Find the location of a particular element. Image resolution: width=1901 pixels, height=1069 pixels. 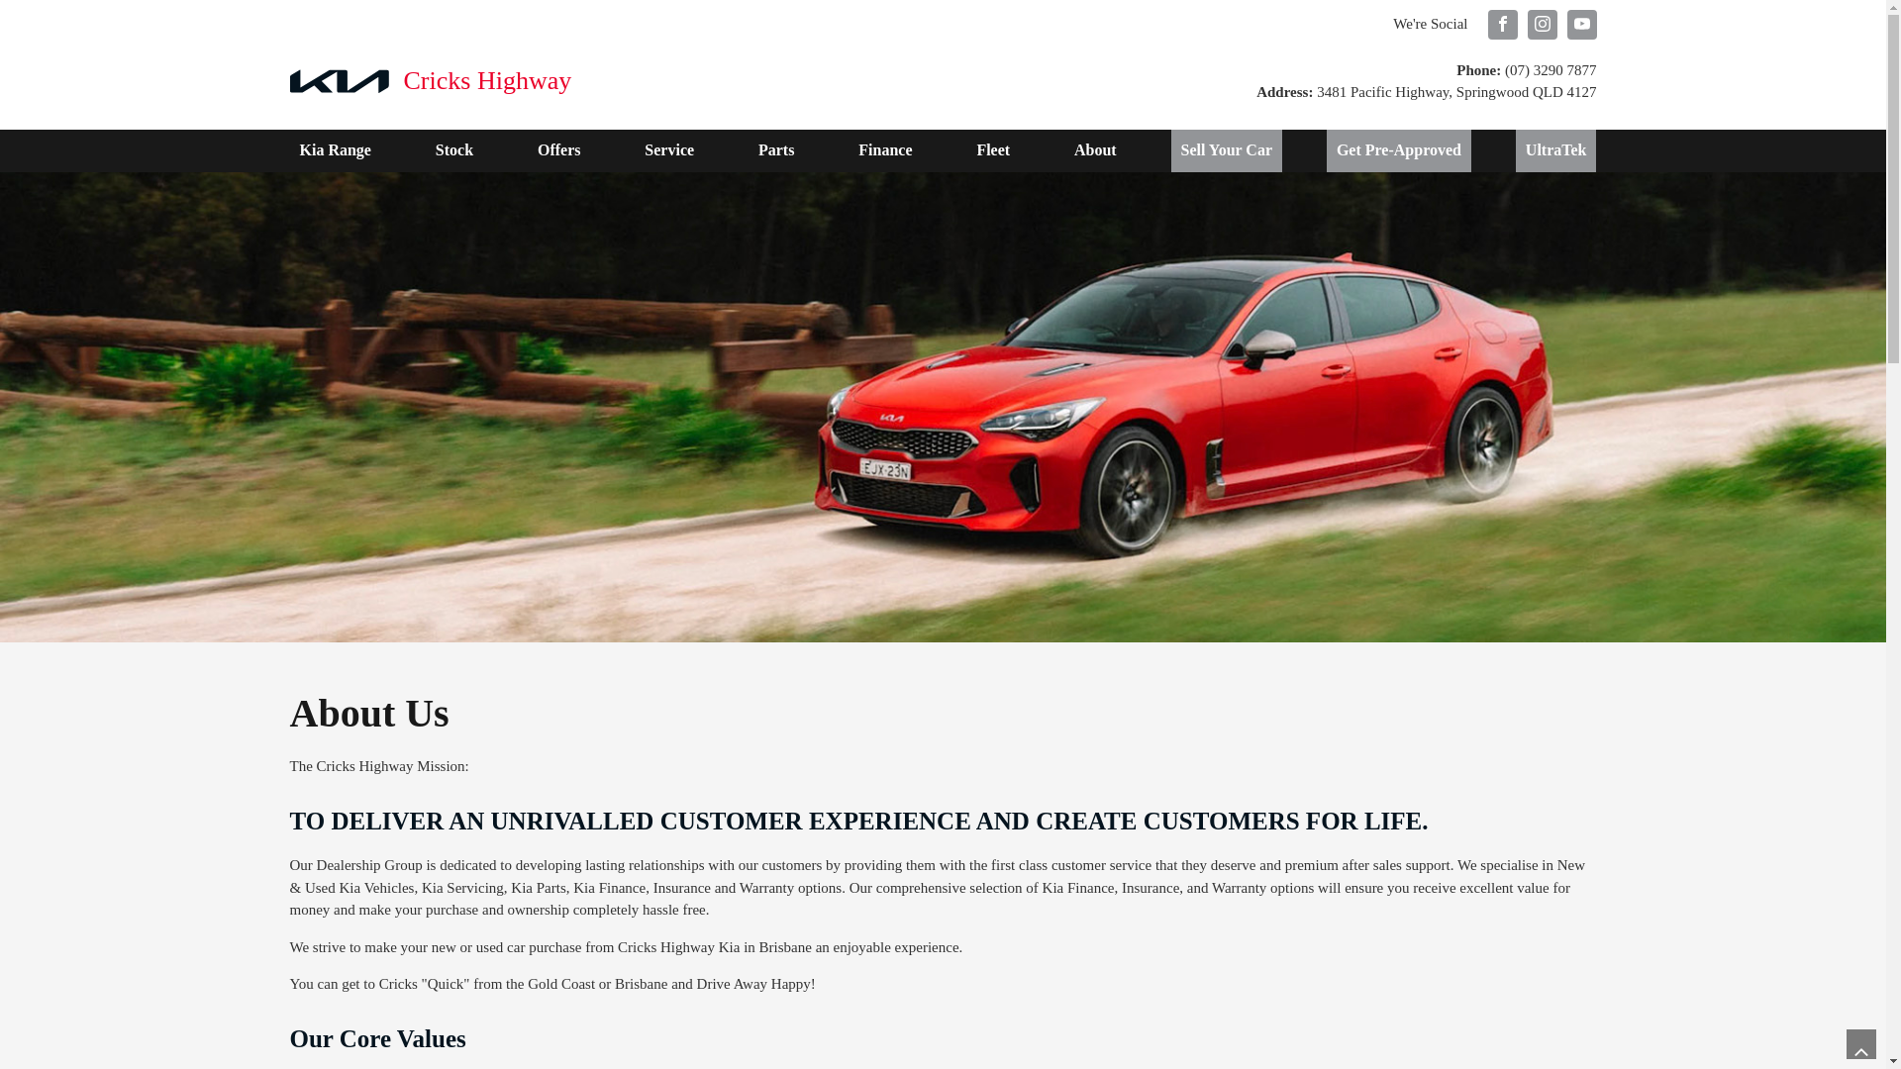

'Offers' is located at coordinates (558, 149).